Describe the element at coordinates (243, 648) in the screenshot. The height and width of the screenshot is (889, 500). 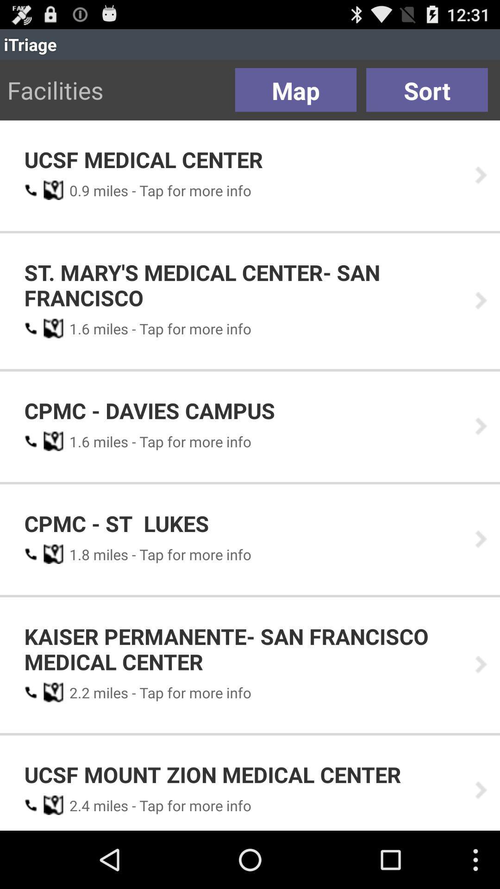
I see `kaiser permanente san icon` at that location.